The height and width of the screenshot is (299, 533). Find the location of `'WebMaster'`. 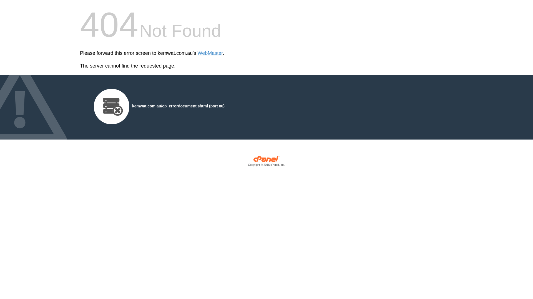

'WebMaster' is located at coordinates (197, 53).